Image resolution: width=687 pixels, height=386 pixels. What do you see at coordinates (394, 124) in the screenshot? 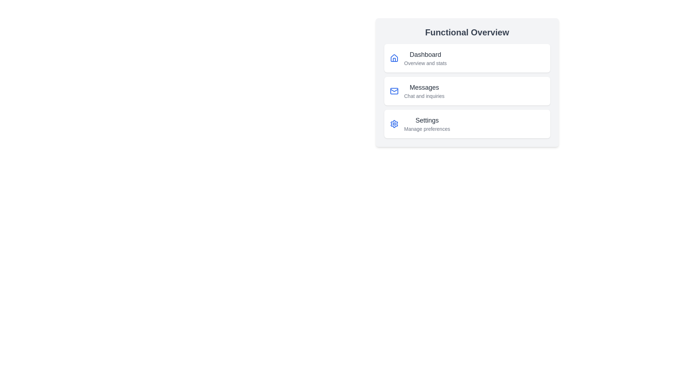
I see `the blue gear-shaped icon located to the left of the 'Settings' text within the 'Settings' card` at bounding box center [394, 124].